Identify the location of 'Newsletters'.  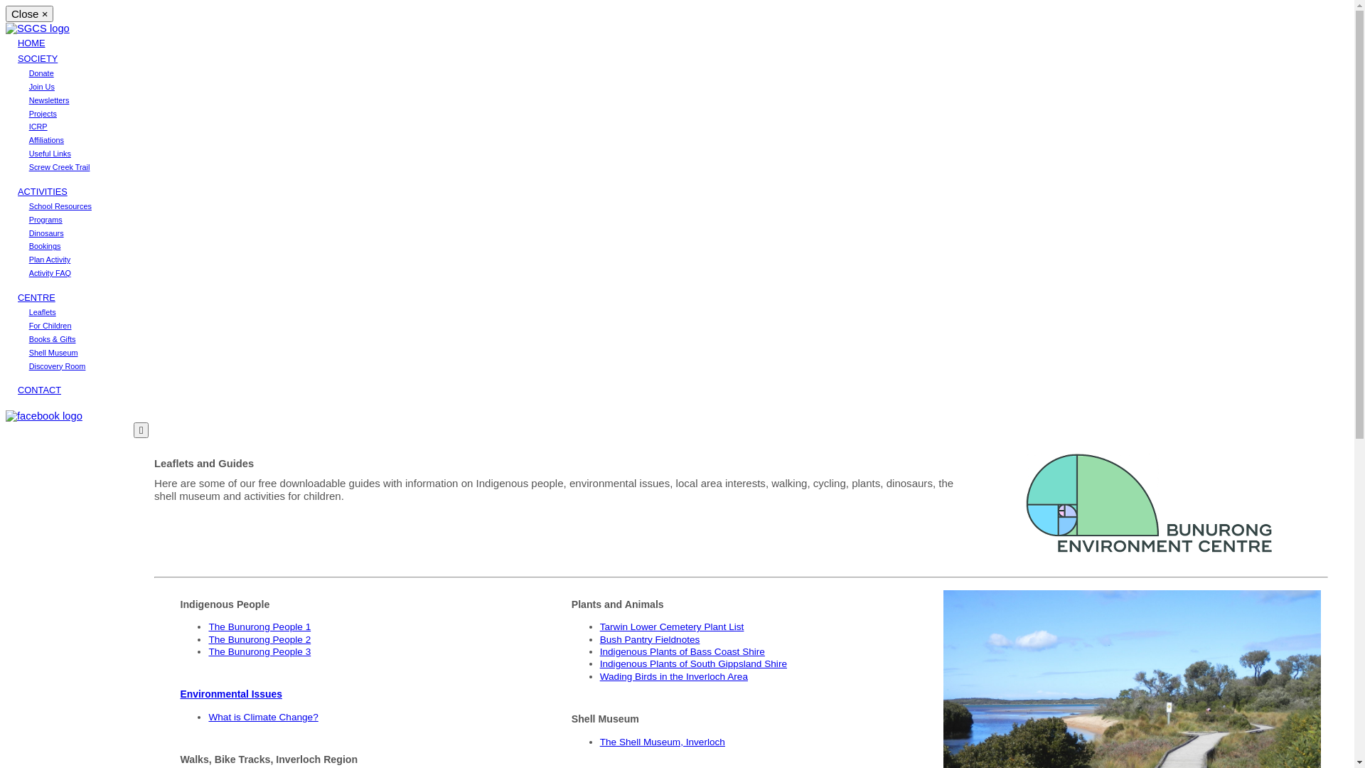
(29, 100).